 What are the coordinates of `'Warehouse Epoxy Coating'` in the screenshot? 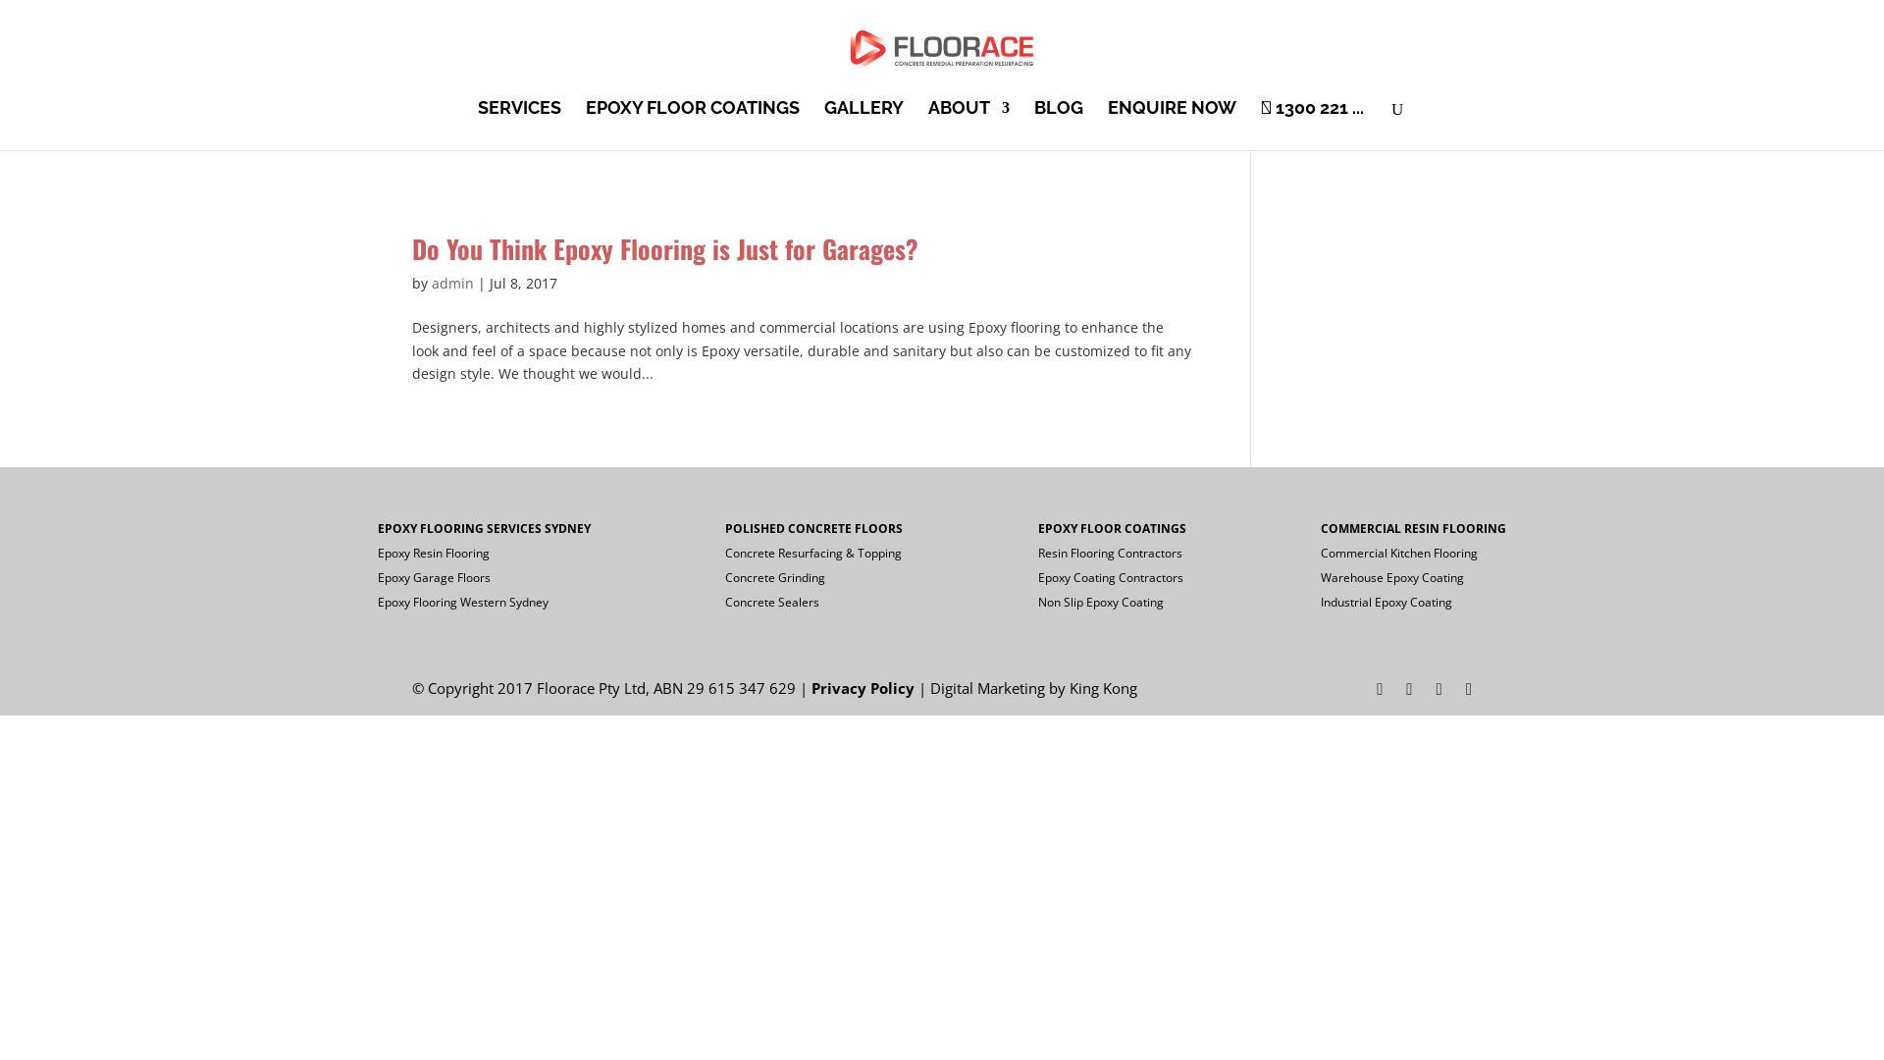 It's located at (1320, 576).